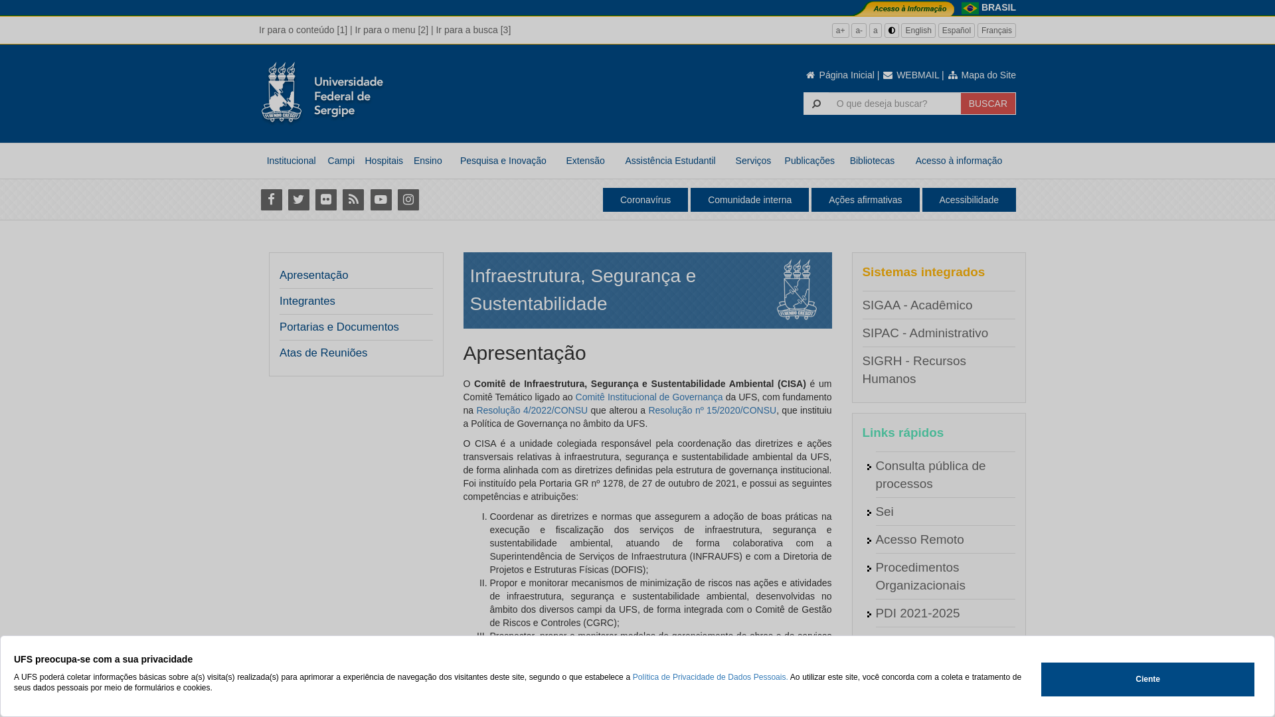 Image resolution: width=1275 pixels, height=717 pixels. I want to click on 'a+', so click(840, 30).